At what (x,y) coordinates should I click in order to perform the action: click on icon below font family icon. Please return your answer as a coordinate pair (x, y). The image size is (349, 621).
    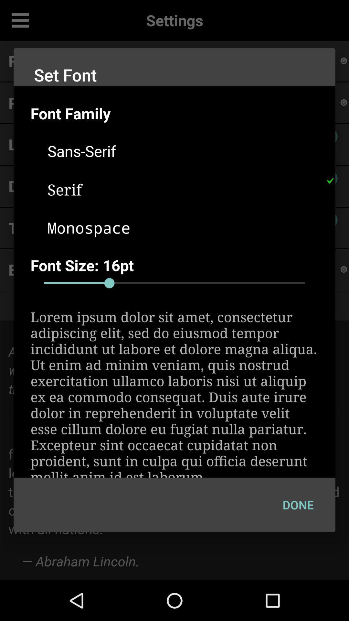
    Looking at the image, I should click on (183, 150).